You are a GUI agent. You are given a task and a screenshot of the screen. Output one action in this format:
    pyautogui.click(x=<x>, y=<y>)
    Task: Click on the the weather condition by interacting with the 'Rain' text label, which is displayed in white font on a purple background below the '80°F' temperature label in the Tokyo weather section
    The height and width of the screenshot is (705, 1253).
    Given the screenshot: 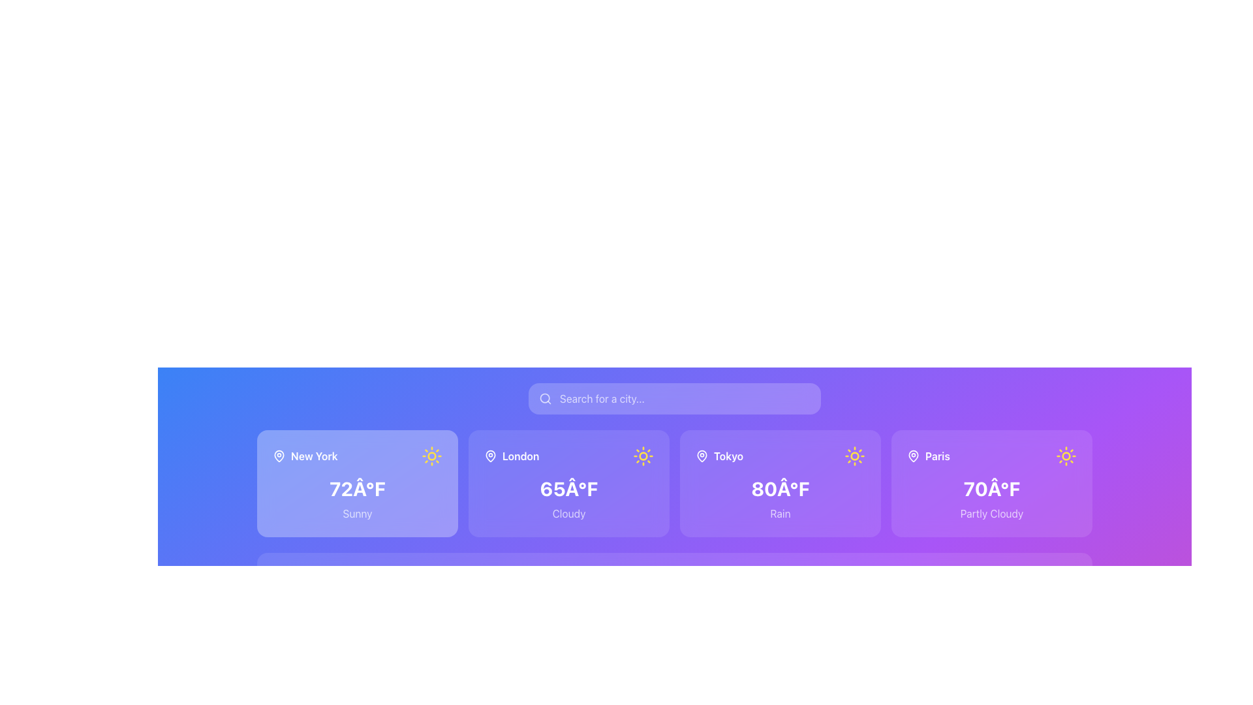 What is the action you would take?
    pyautogui.click(x=780, y=512)
    